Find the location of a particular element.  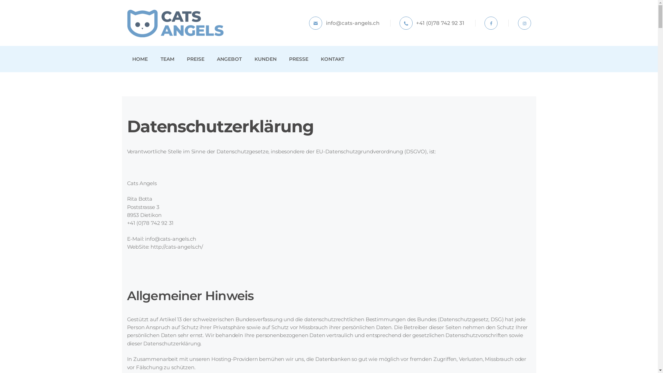

'ANGEBOT' is located at coordinates (229, 58).